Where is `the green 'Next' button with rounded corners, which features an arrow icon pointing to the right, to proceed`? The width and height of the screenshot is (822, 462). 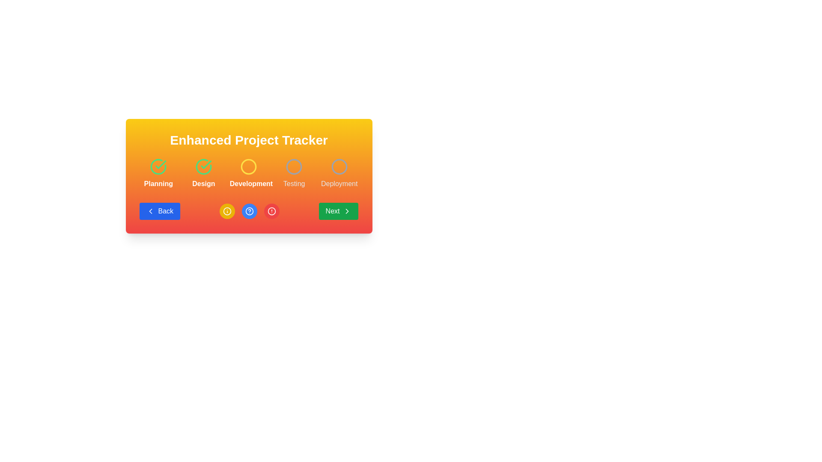 the green 'Next' button with rounded corners, which features an arrow icon pointing to the right, to proceed is located at coordinates (338, 211).